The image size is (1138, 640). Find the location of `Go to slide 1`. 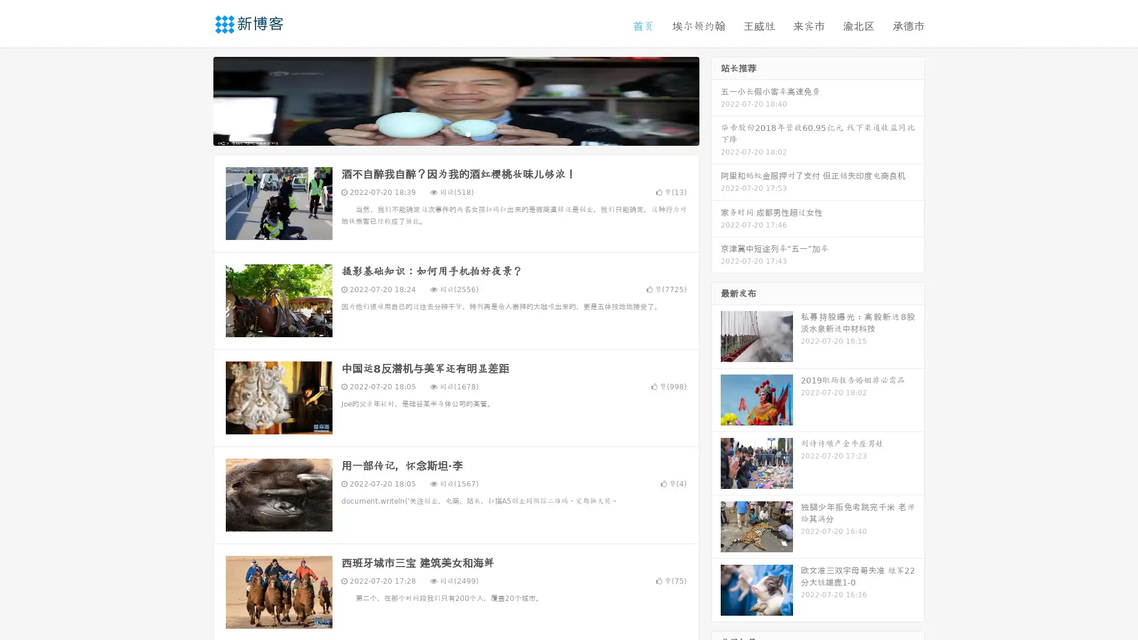

Go to slide 1 is located at coordinates (443, 133).